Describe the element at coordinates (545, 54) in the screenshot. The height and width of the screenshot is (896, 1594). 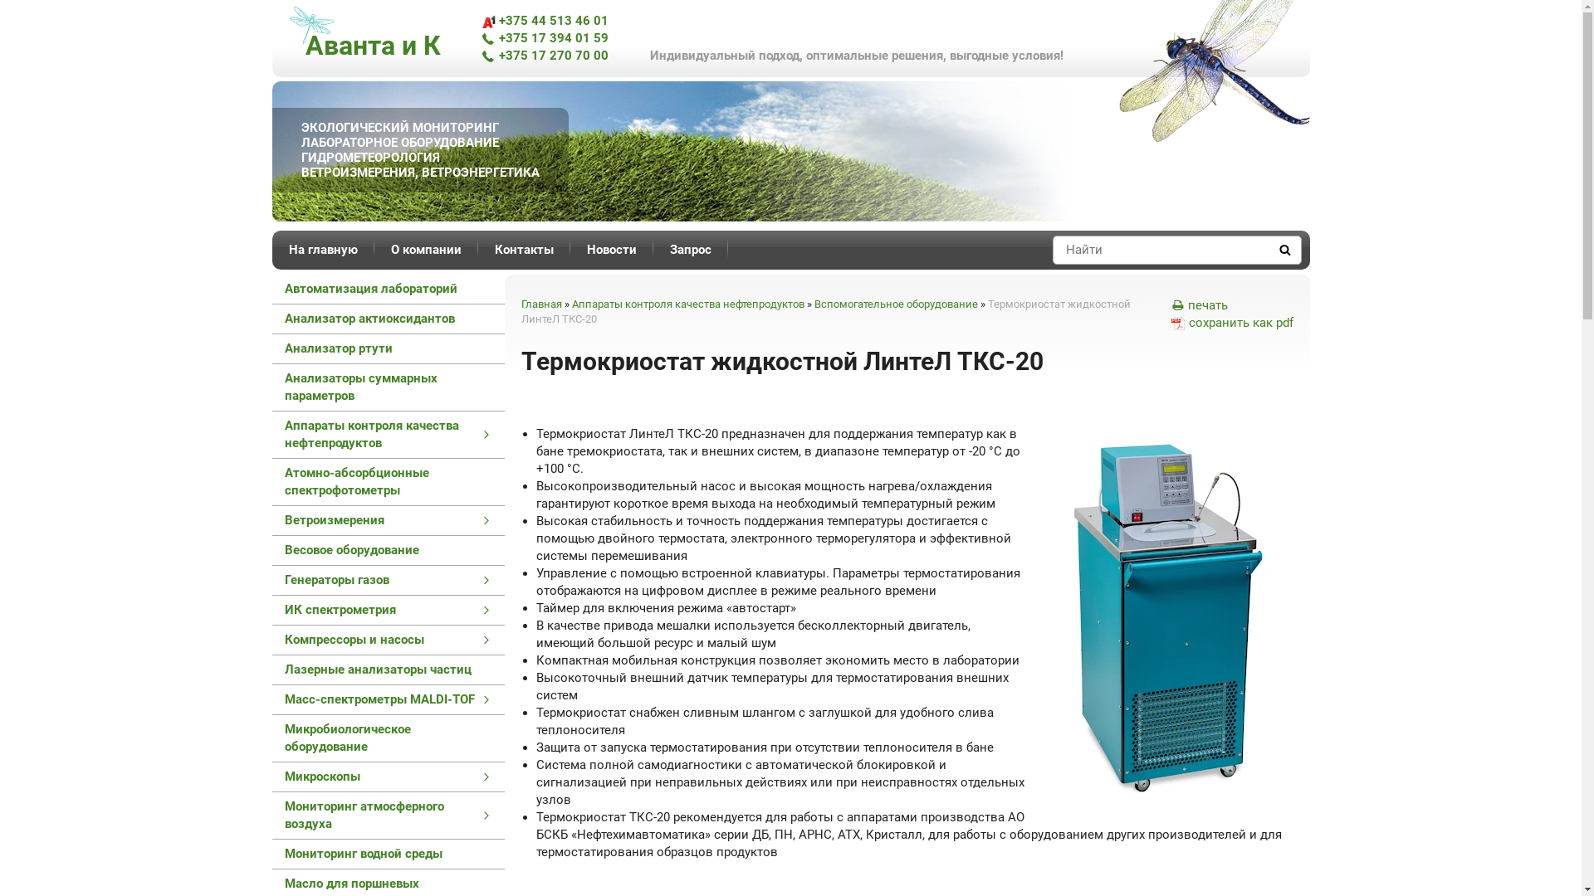
I see `'+375 17 270 70 00'` at that location.